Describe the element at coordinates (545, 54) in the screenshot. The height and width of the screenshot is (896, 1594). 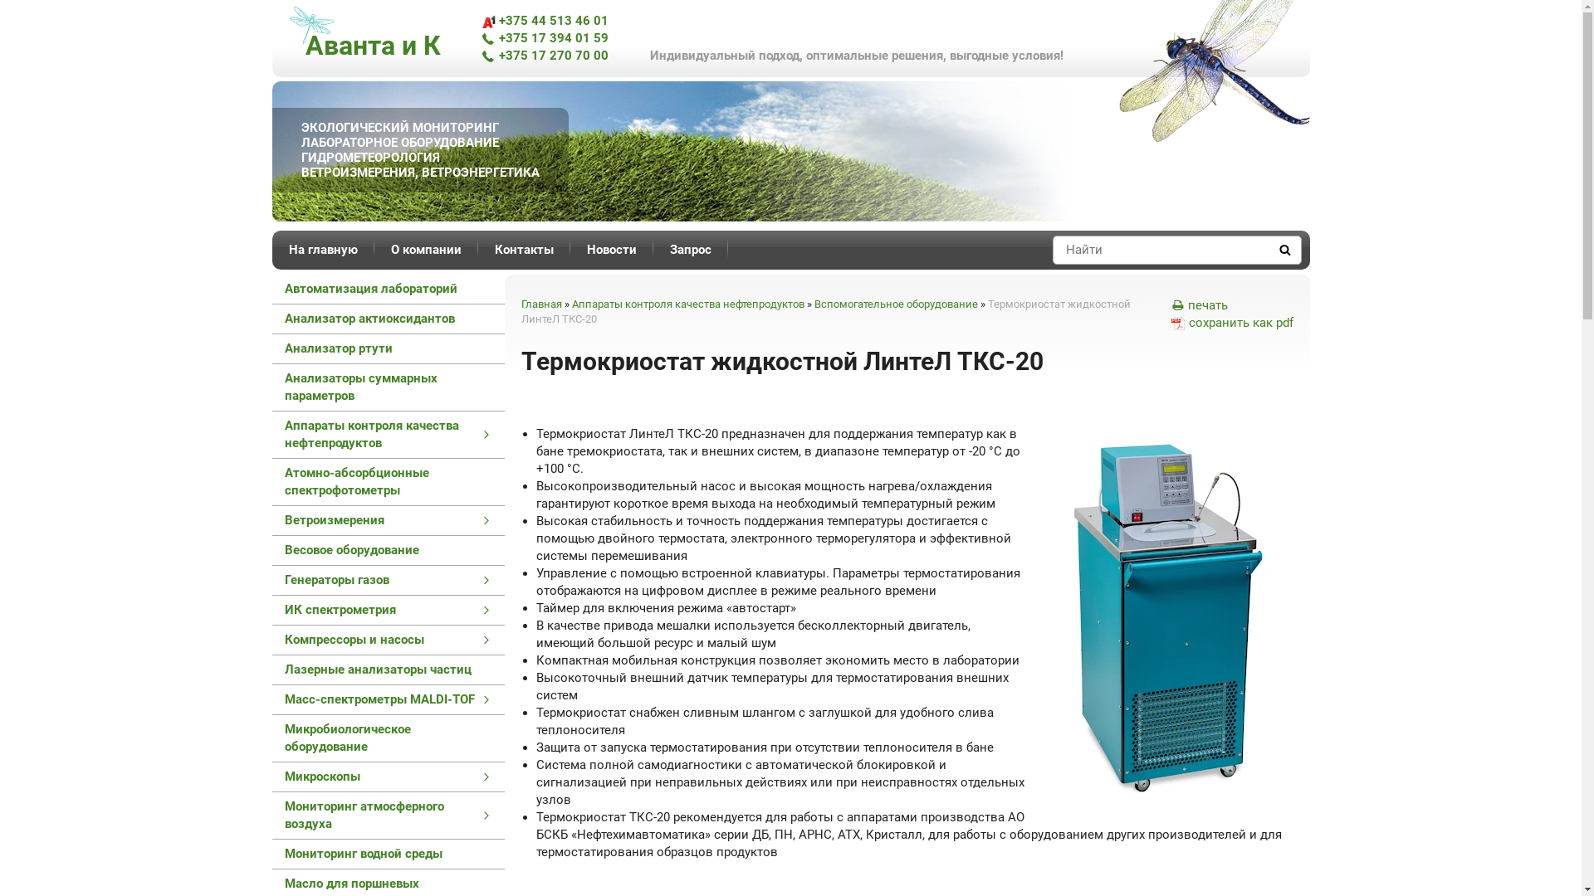
I see `'+375 17 270 70 00'` at that location.